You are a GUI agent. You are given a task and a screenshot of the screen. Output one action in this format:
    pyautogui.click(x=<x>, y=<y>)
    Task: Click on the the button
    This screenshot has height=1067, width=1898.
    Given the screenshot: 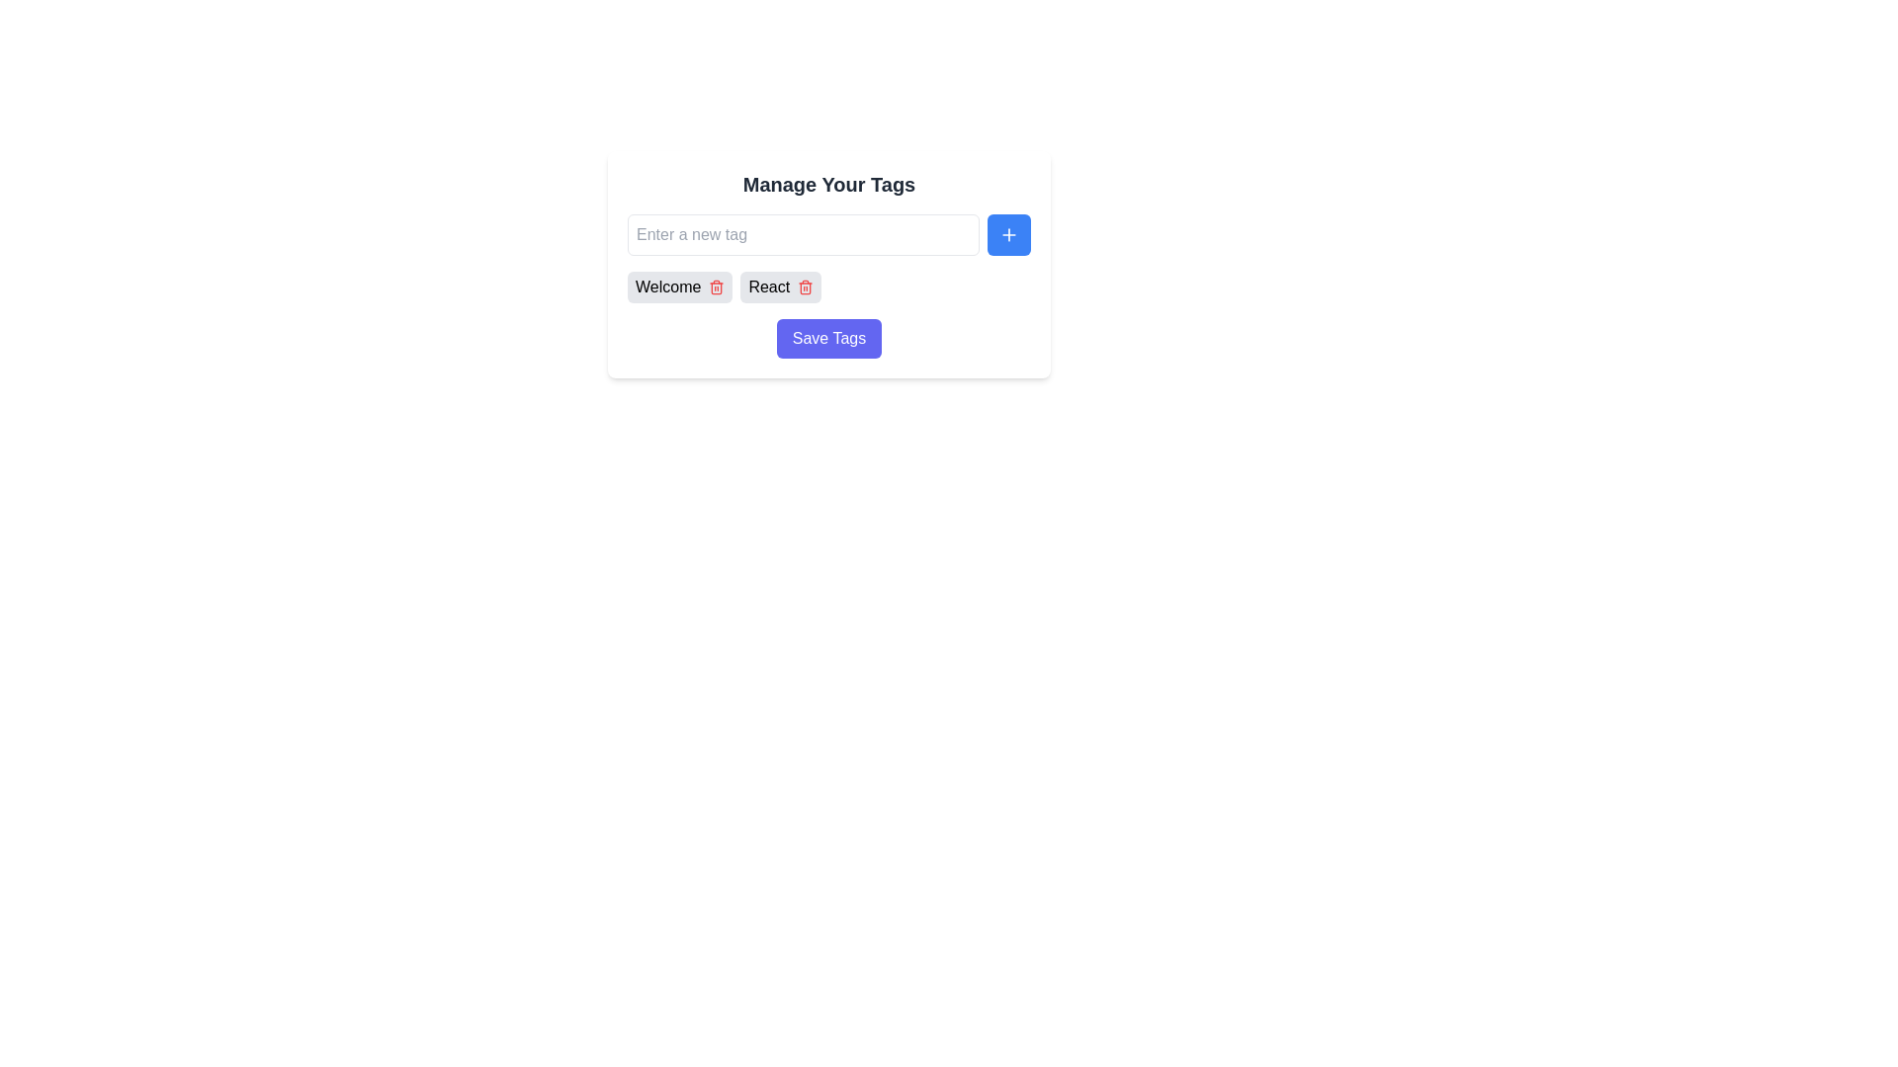 What is the action you would take?
    pyautogui.click(x=1009, y=234)
    